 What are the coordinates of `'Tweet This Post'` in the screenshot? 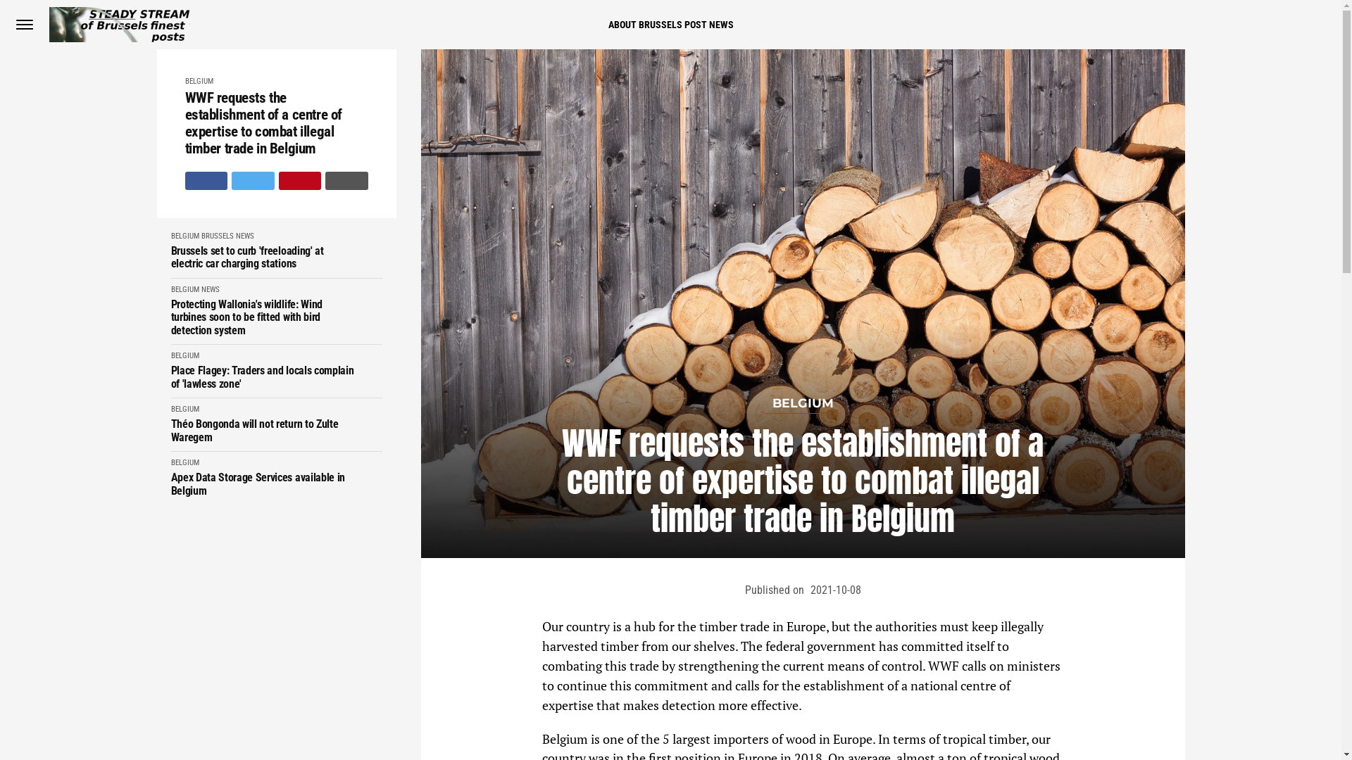 It's located at (253, 180).